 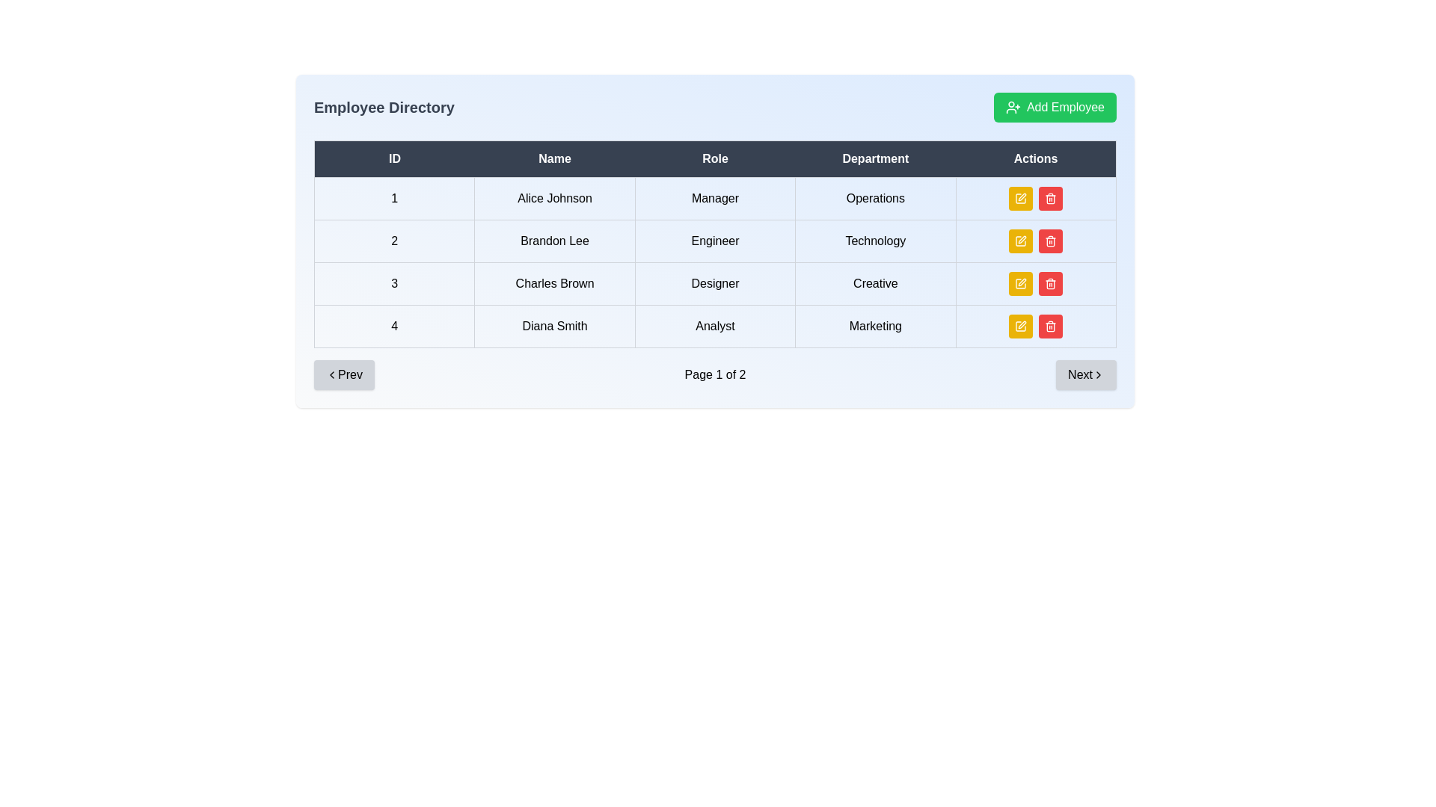 I want to click on the small pen icon button in the last row of the table under the 'Actions' column for 'Diana Smith' to initiate editing, so click(x=1022, y=324).